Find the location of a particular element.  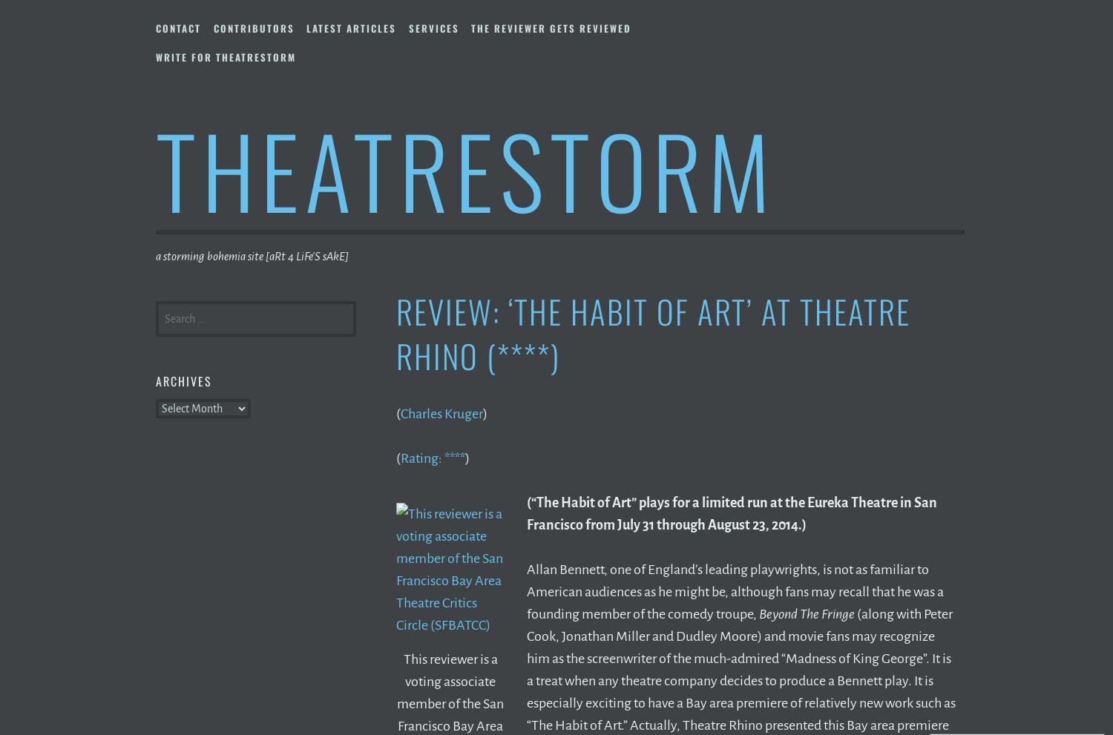

'Archives' is located at coordinates (183, 381).